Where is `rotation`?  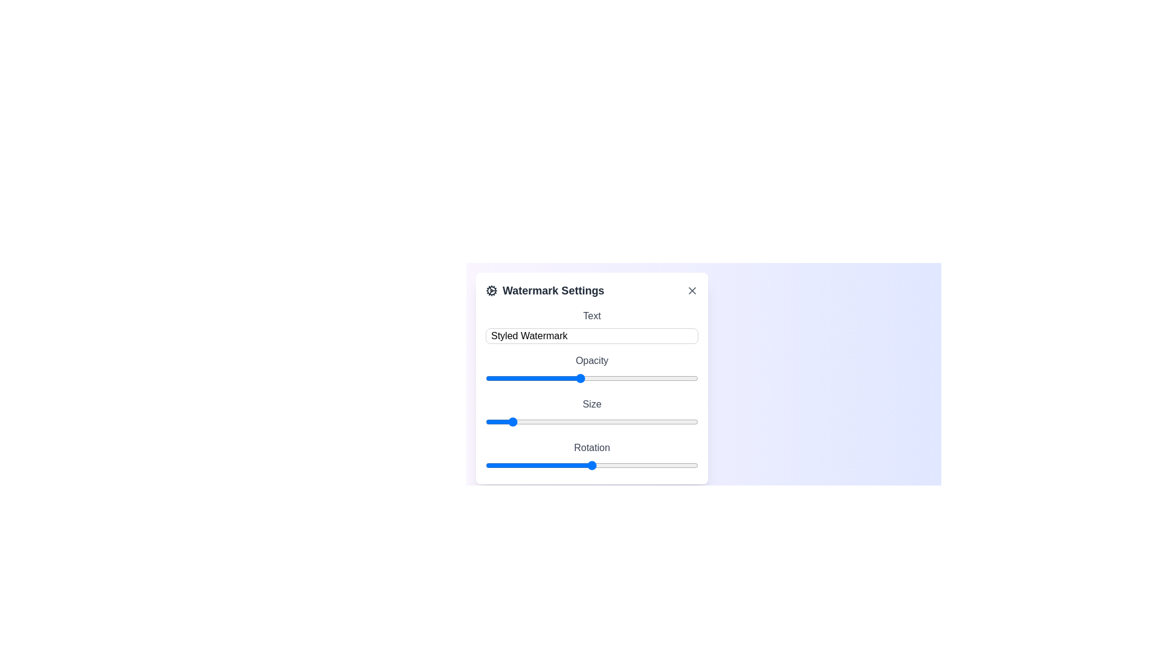
rotation is located at coordinates (512, 465).